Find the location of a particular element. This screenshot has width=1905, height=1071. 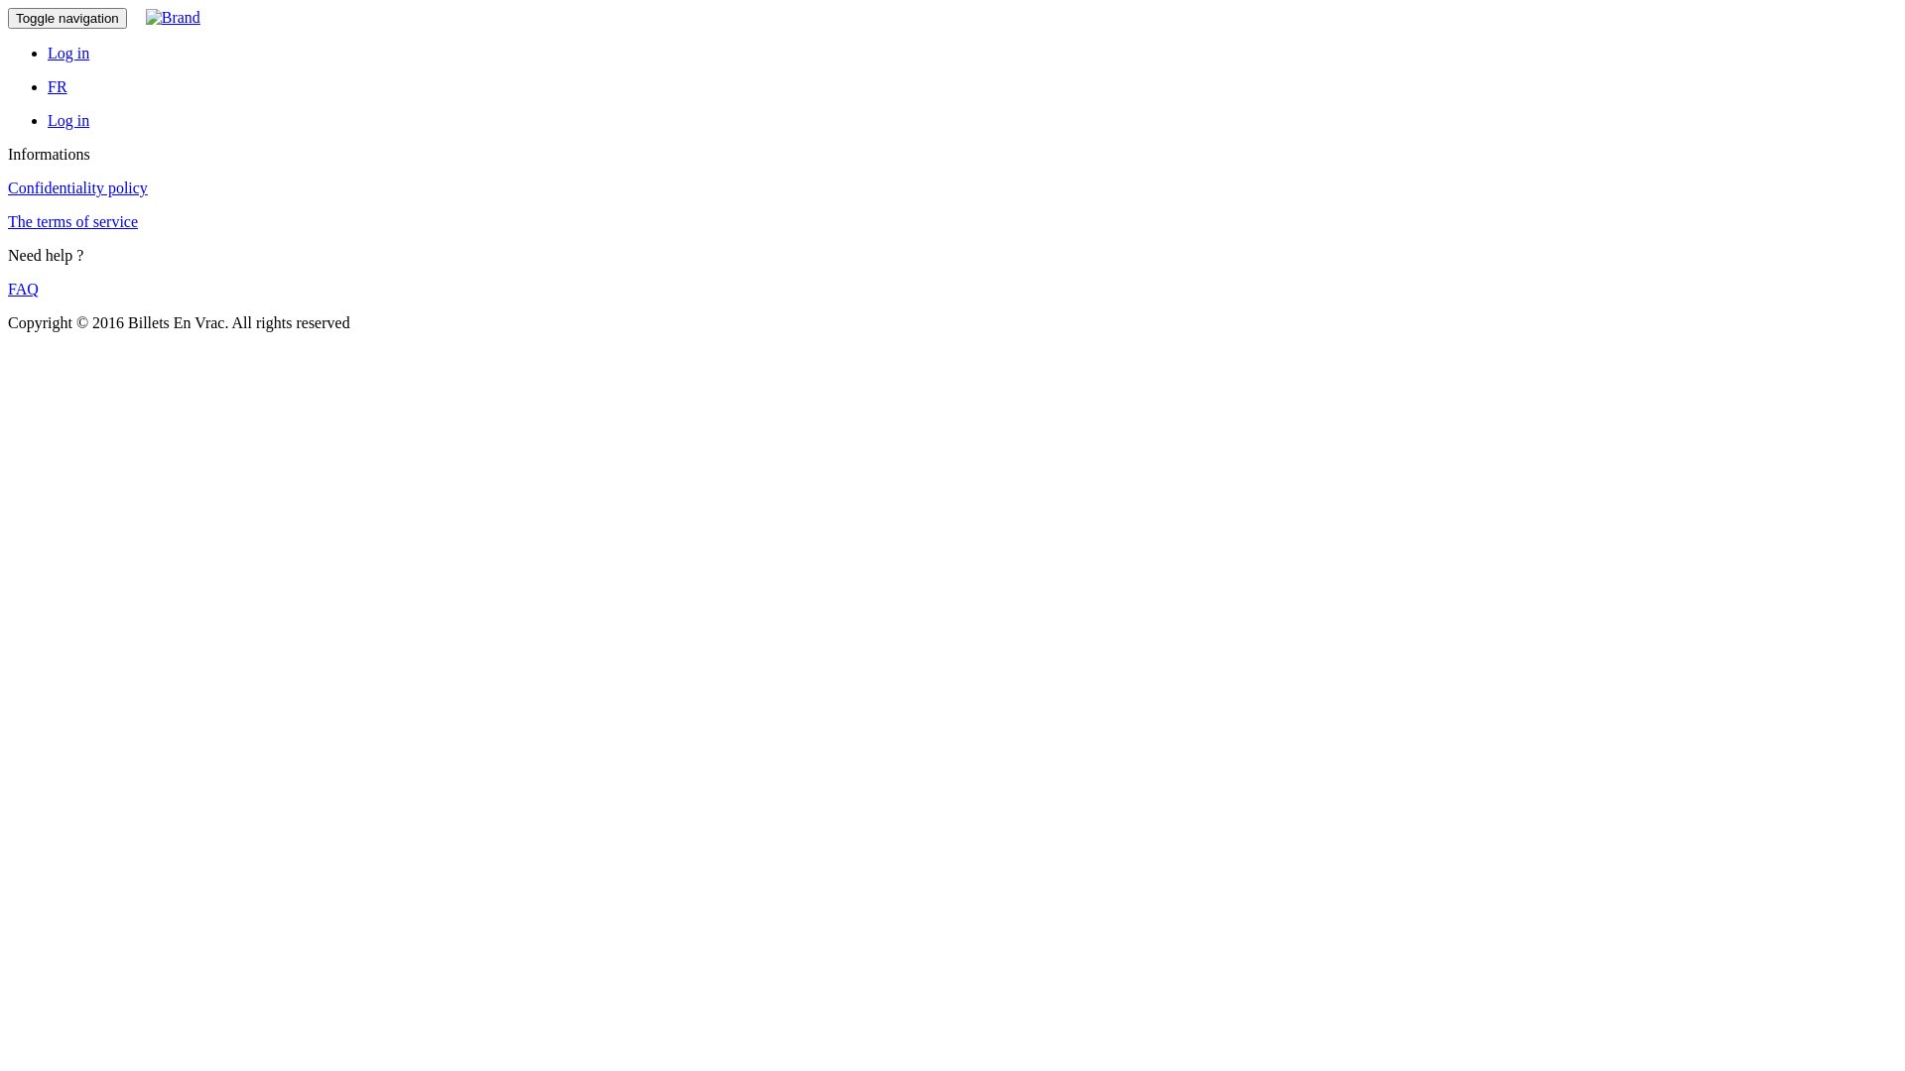

'Toggle navigation' is located at coordinates (66, 18).